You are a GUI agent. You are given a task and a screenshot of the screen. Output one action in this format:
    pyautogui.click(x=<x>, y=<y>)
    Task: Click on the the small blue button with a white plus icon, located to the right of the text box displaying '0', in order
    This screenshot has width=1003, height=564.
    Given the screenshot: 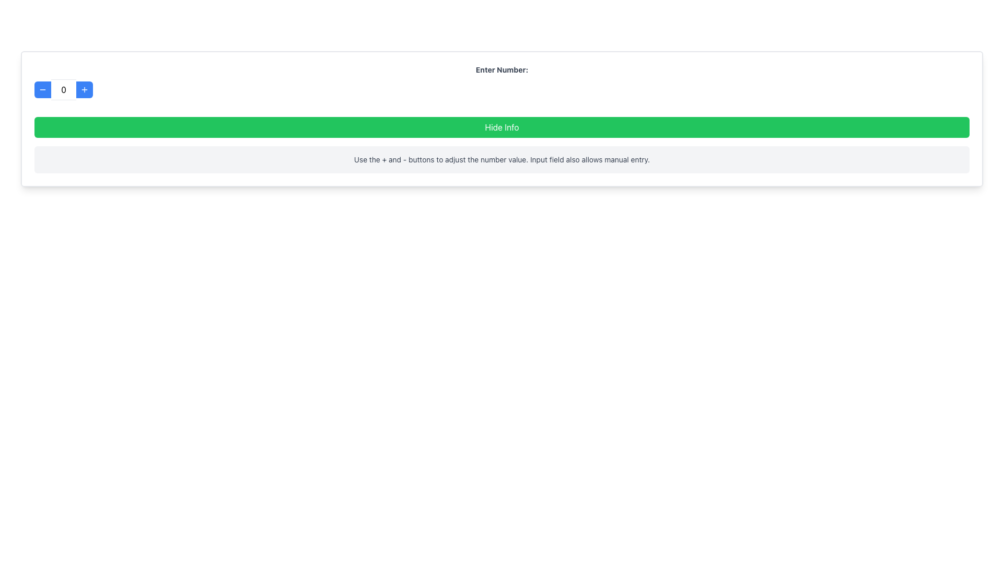 What is the action you would take?
    pyautogui.click(x=85, y=89)
    